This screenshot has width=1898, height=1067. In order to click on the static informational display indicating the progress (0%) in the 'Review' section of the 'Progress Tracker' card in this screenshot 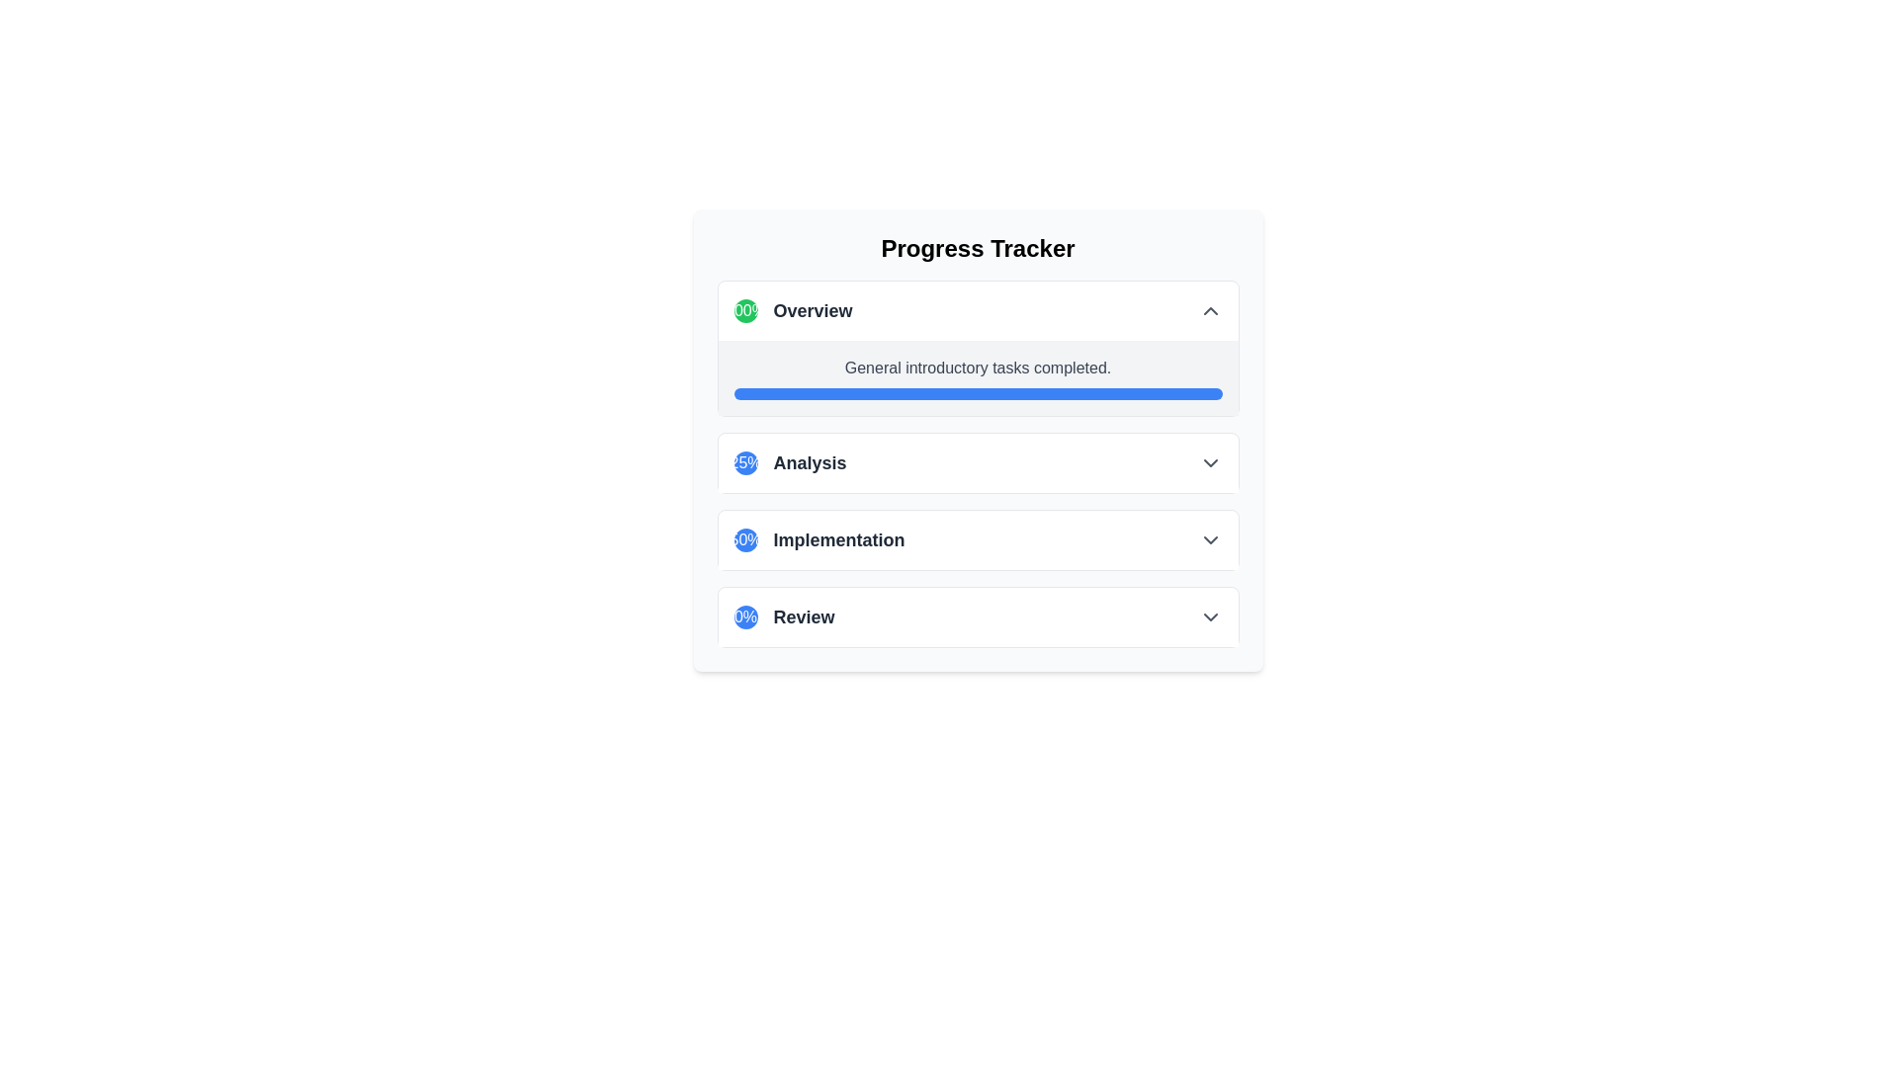, I will do `click(783, 616)`.